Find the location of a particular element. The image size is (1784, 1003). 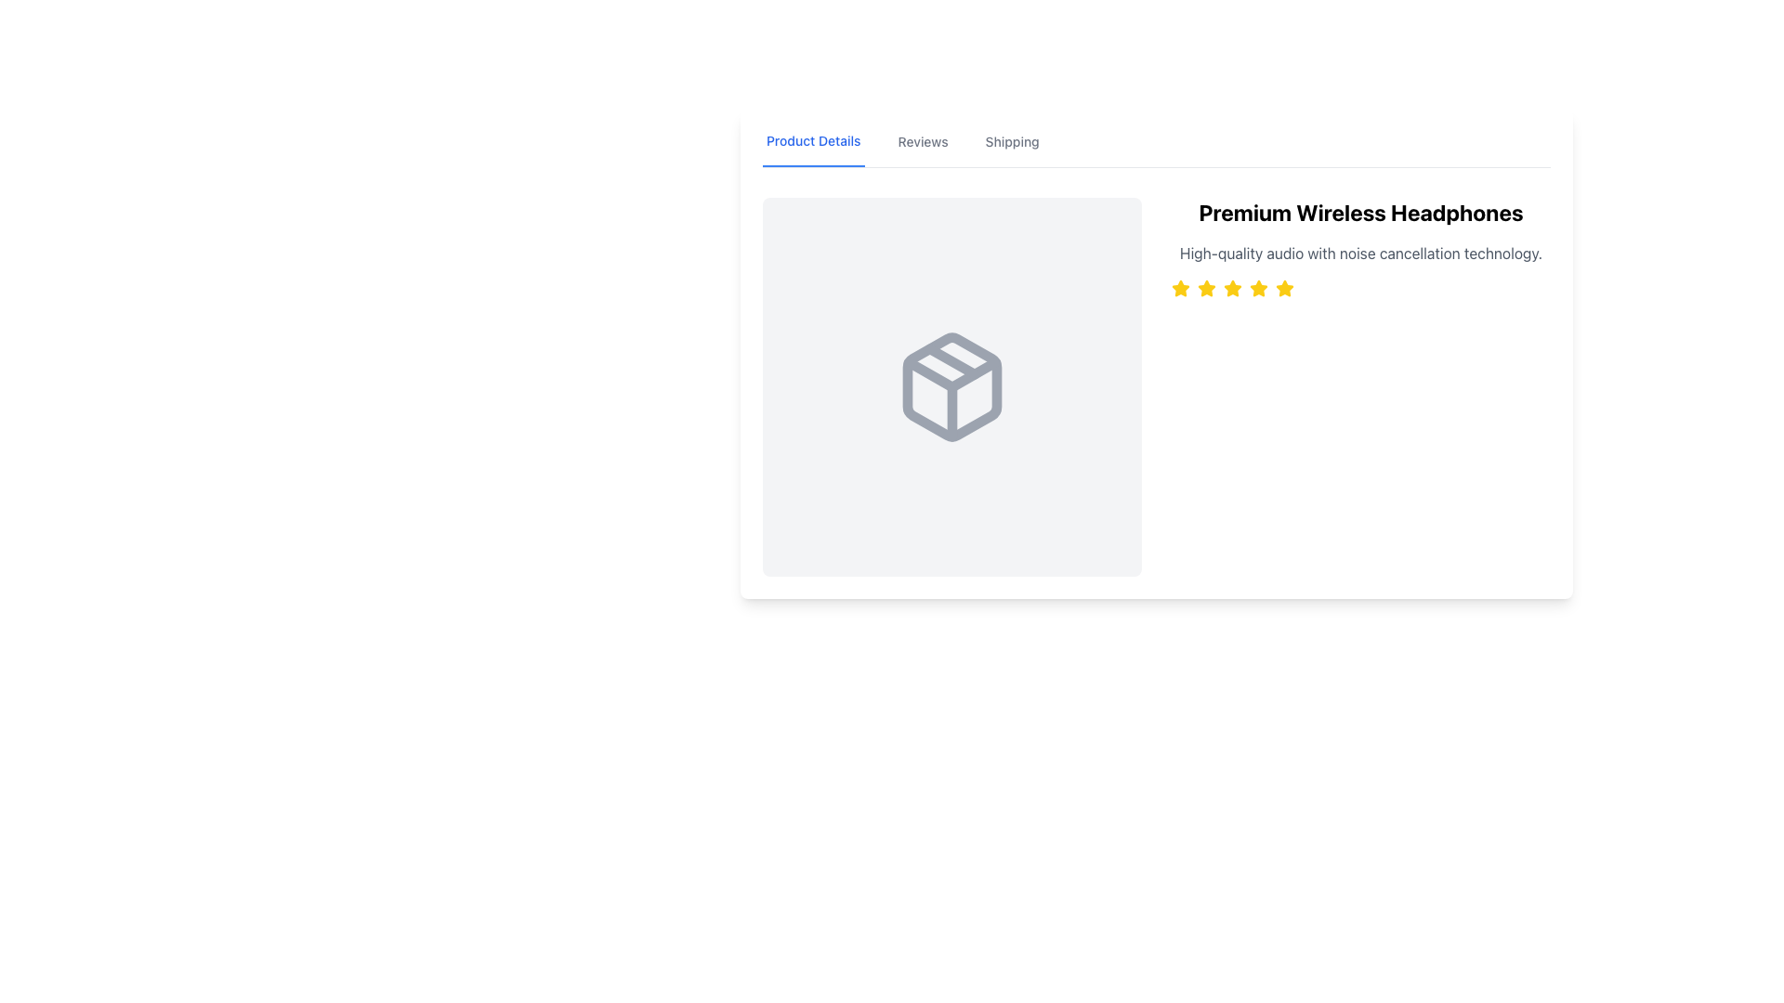

the 'Shipping' text label in the navigation bar to change its color to a darker shade of gray is located at coordinates (1011, 149).